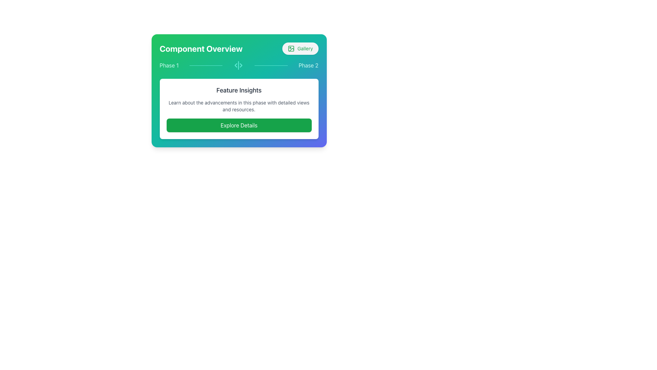  What do you see at coordinates (271, 65) in the screenshot?
I see `the second horizontal Divider Line located between the 'Phase 1' and 'Phase 2' labels in the 'Component Overview' section` at bounding box center [271, 65].